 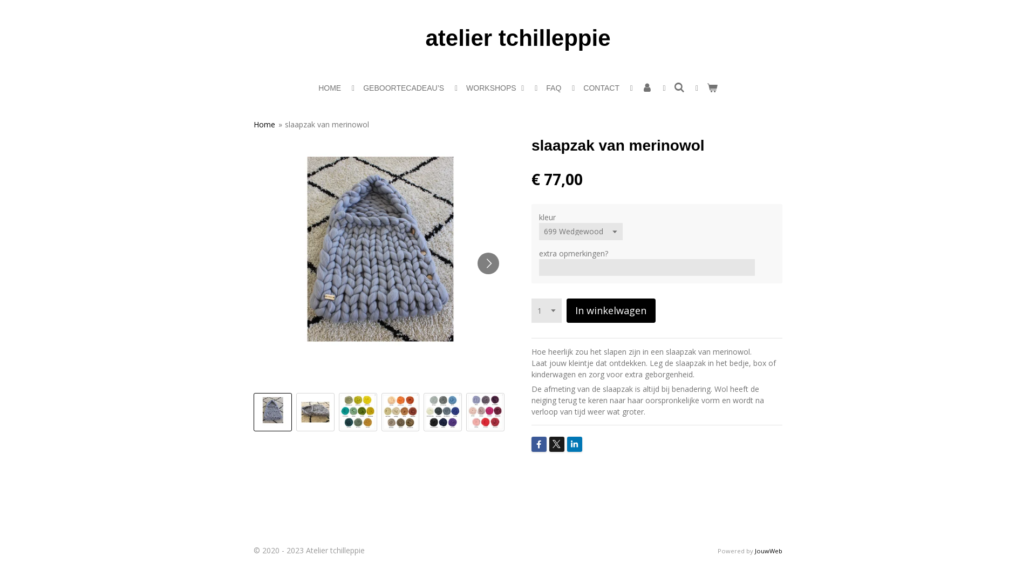 What do you see at coordinates (712, 87) in the screenshot?
I see `'Bekijk winkelwagen'` at bounding box center [712, 87].